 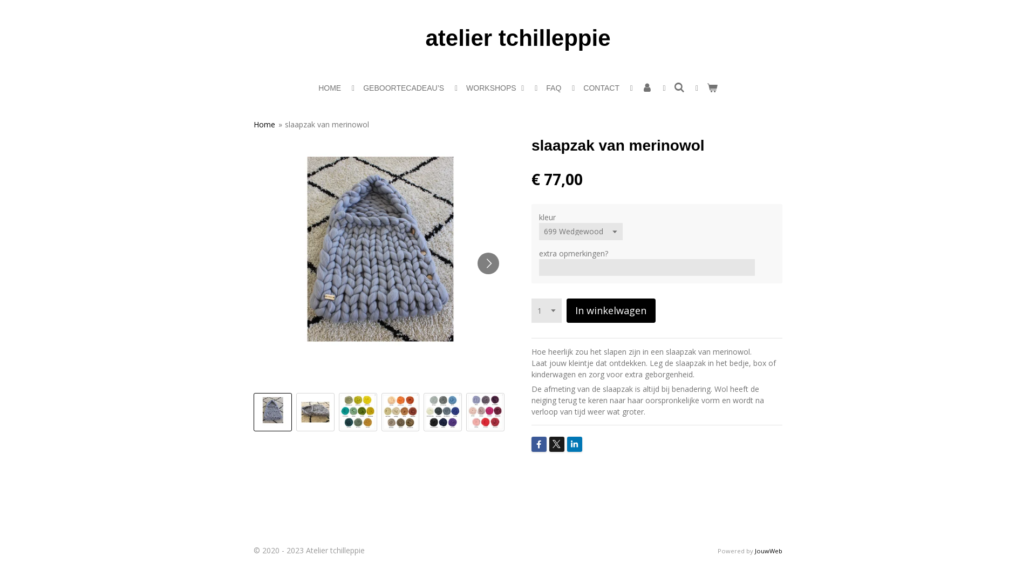 What do you see at coordinates (712, 87) in the screenshot?
I see `'Bekijk winkelwagen'` at bounding box center [712, 87].